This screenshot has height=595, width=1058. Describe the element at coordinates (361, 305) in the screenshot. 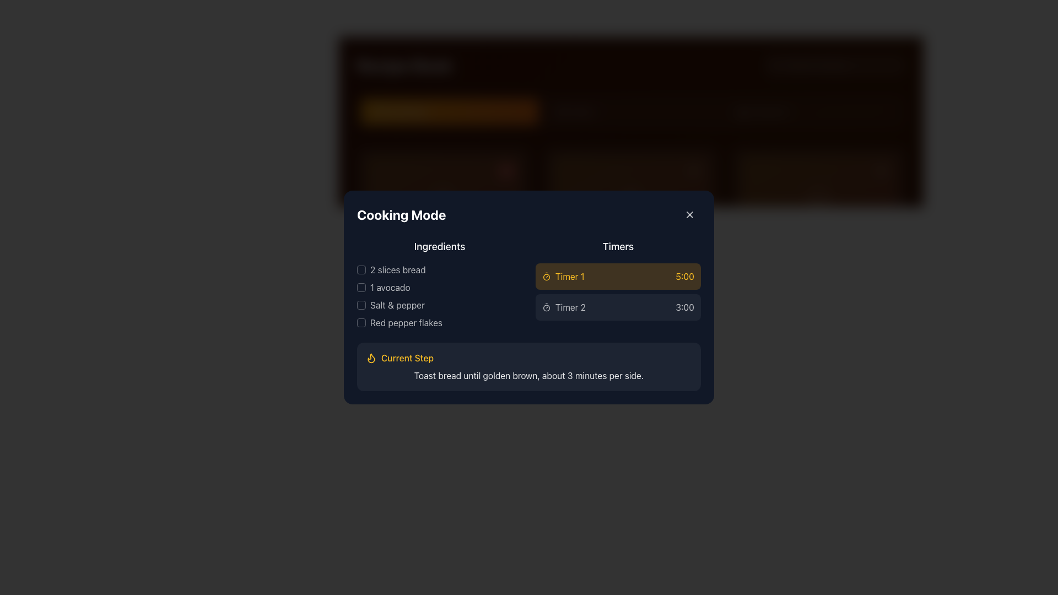

I see `the checkbox located in the 'Ingredients' section of the Cooking Mode modal` at that location.